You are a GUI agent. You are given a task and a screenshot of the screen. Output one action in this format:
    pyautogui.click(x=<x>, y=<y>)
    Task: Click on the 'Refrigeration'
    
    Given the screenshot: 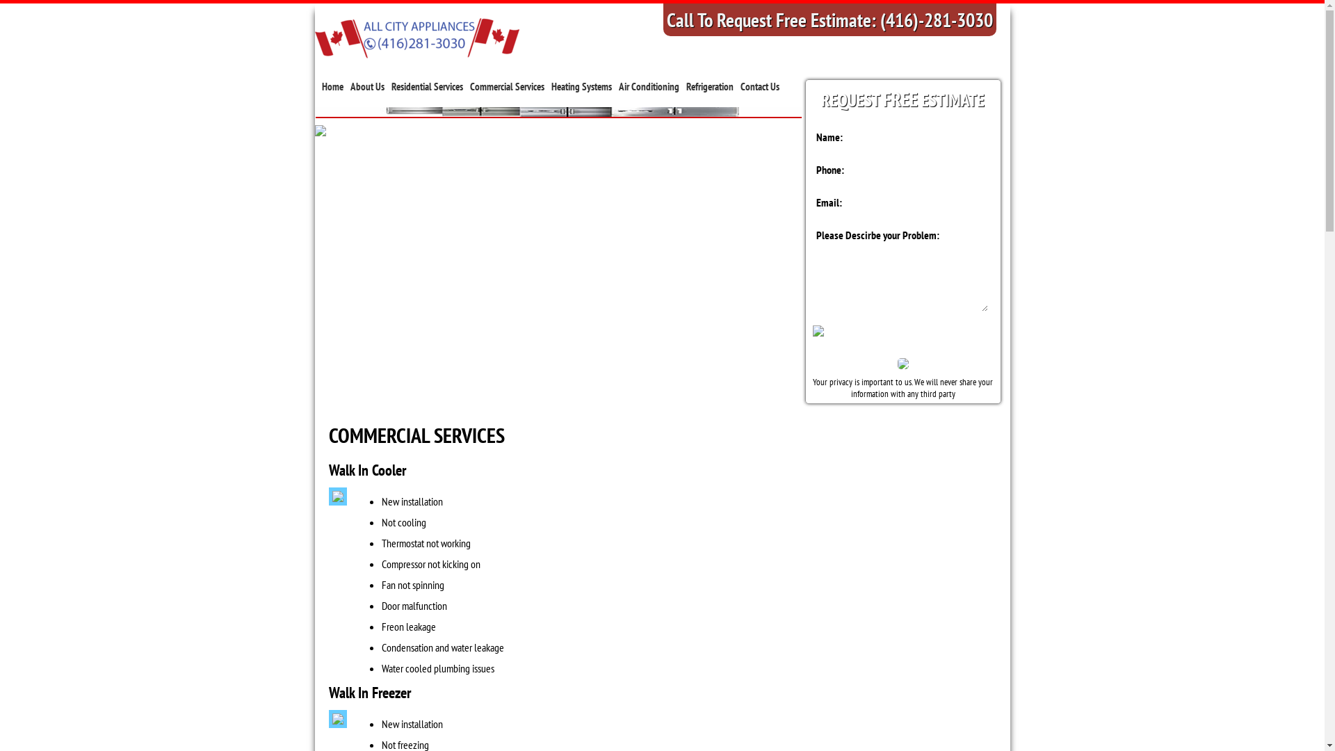 What is the action you would take?
    pyautogui.click(x=685, y=86)
    